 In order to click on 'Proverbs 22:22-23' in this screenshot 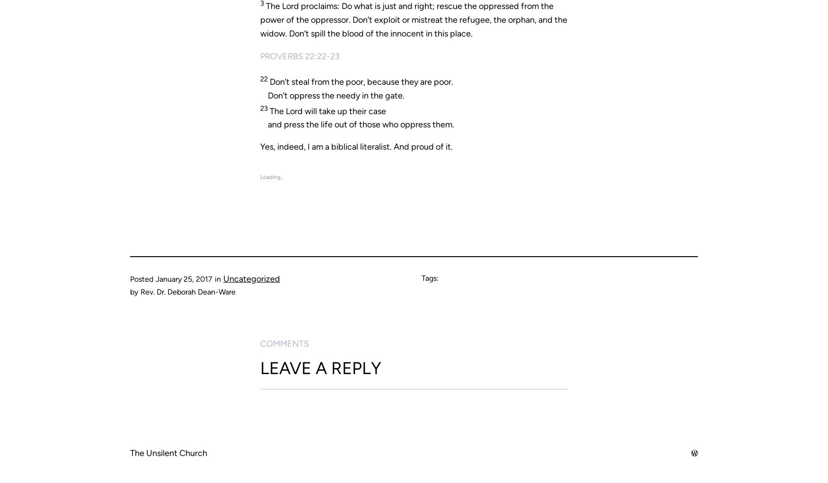, I will do `click(299, 56)`.